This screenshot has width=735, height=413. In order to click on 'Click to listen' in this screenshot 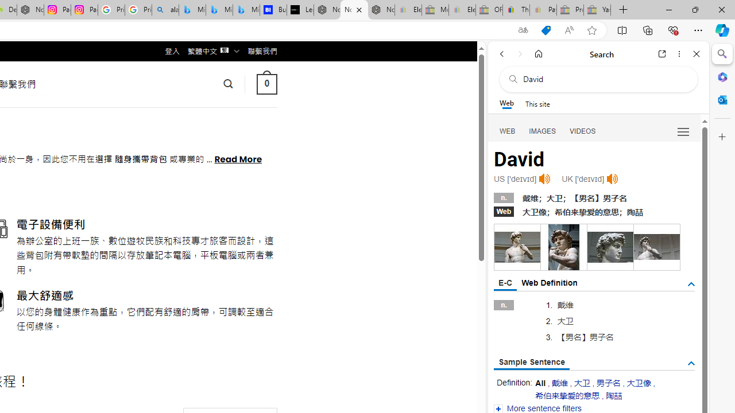, I will do `click(612, 179)`.